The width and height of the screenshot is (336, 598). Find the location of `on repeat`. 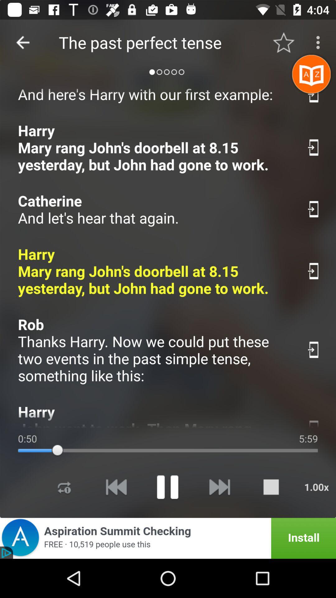

on repeat is located at coordinates (64, 486).